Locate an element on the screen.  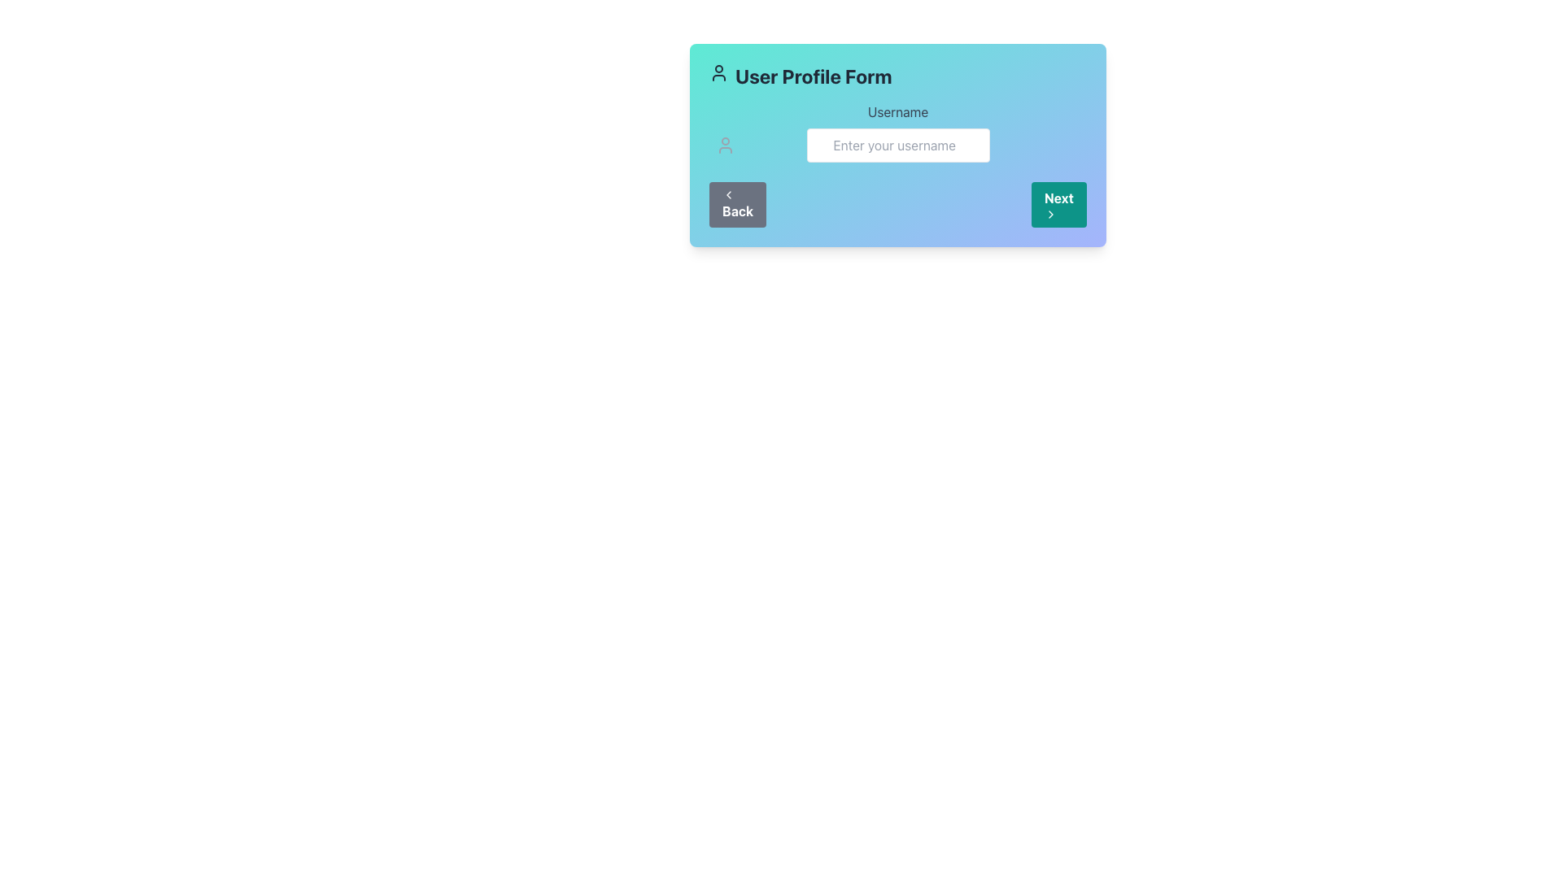
the 'Next' button with a teal background and bold white text, located at the bottom-right corner of the interface is located at coordinates (1058, 203).